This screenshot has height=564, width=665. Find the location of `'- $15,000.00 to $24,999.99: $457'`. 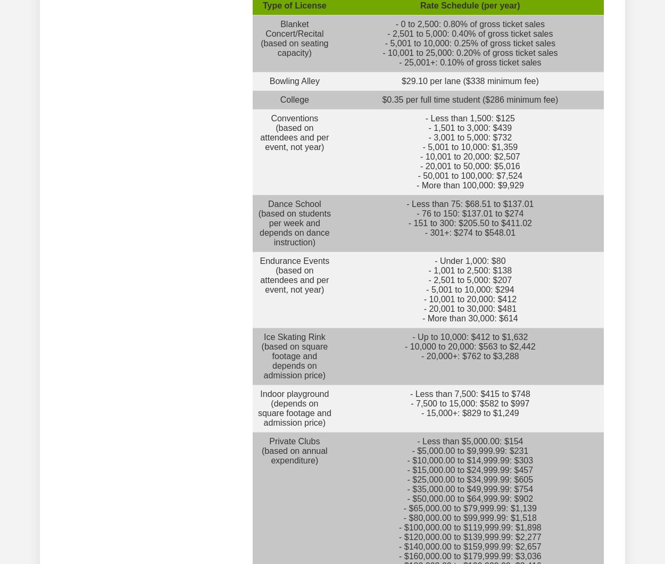

'- $15,000.00 to $24,999.99: $457' is located at coordinates (470, 470).